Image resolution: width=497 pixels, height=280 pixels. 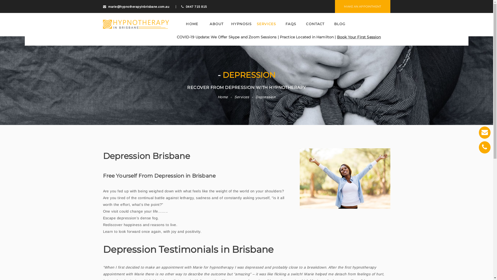 I want to click on 'HYPNOSIS', so click(x=241, y=24).